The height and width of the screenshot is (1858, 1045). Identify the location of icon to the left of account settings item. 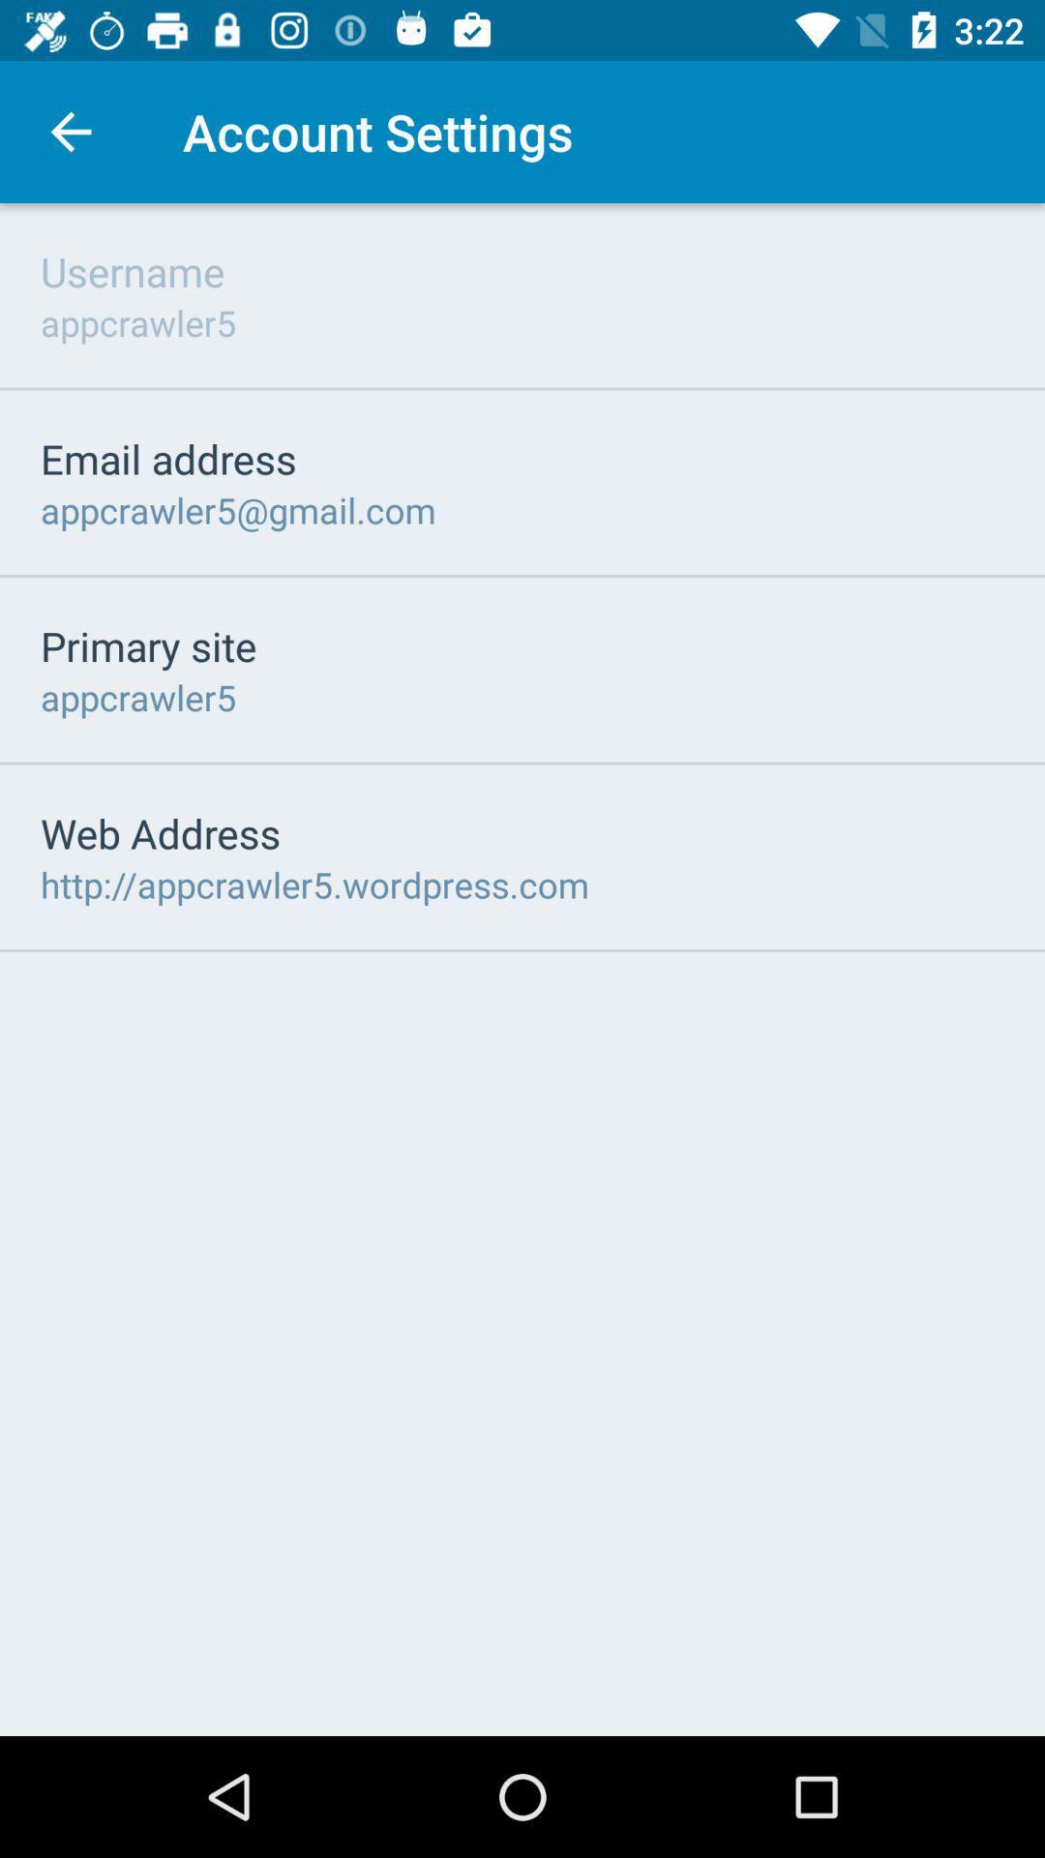
(70, 131).